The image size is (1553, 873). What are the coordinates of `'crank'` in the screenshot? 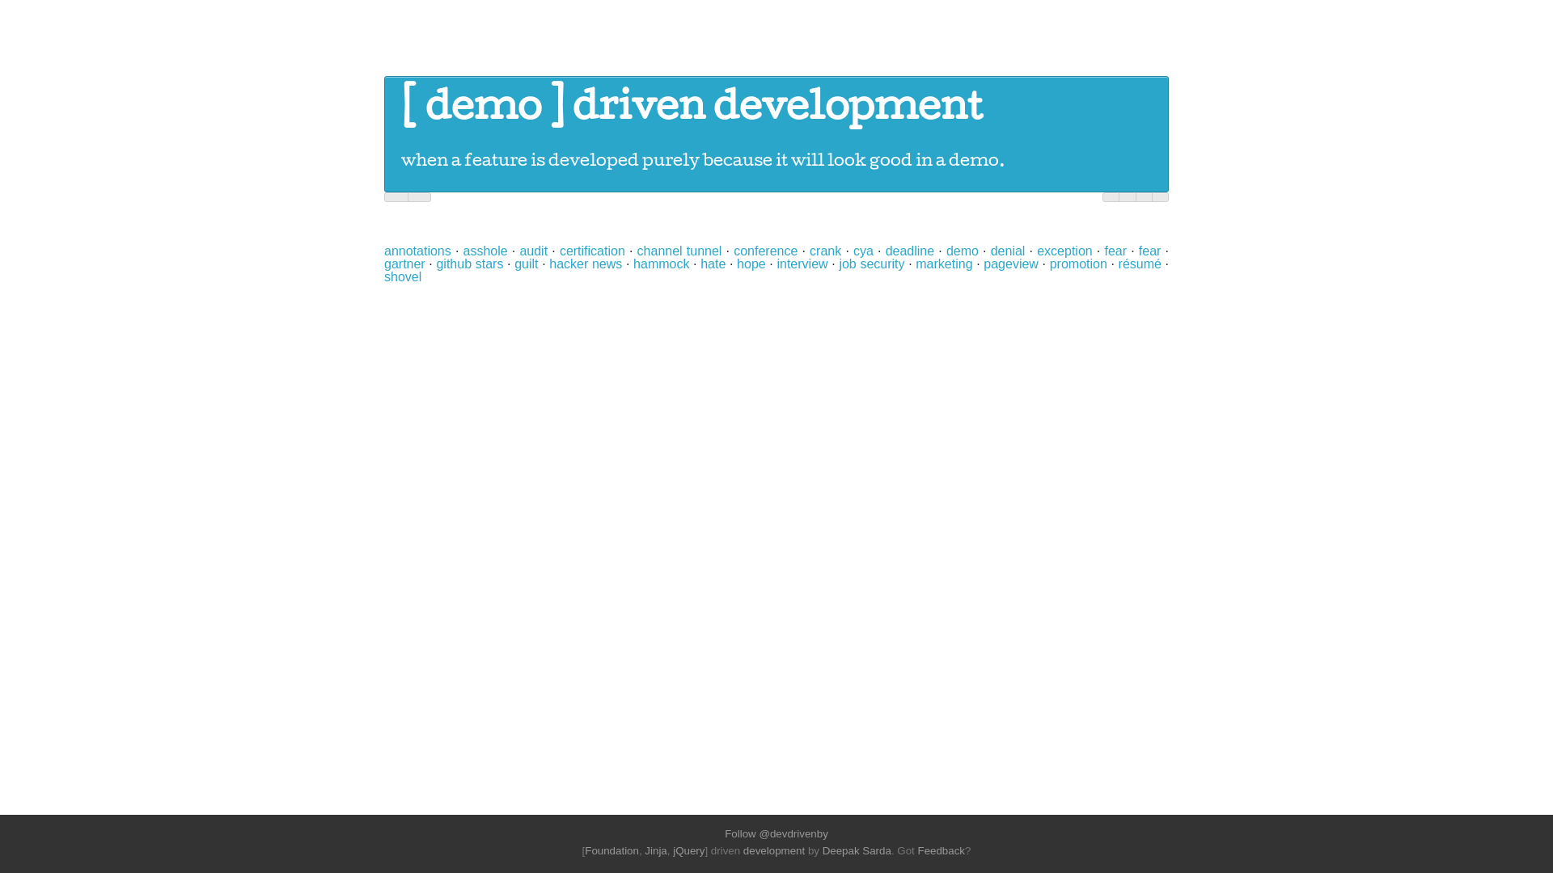 It's located at (825, 251).